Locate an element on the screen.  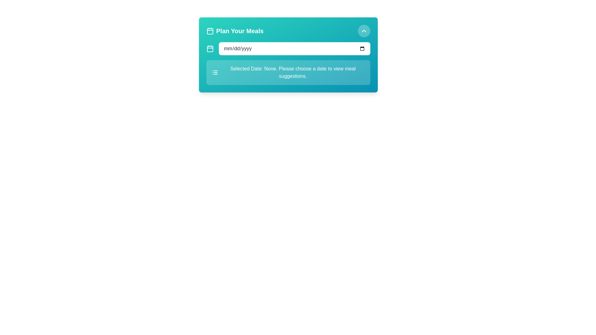
the calendar icon, which is a white line-based design against a cyan background, located towards the left side within the date selection input field is located at coordinates (210, 48).